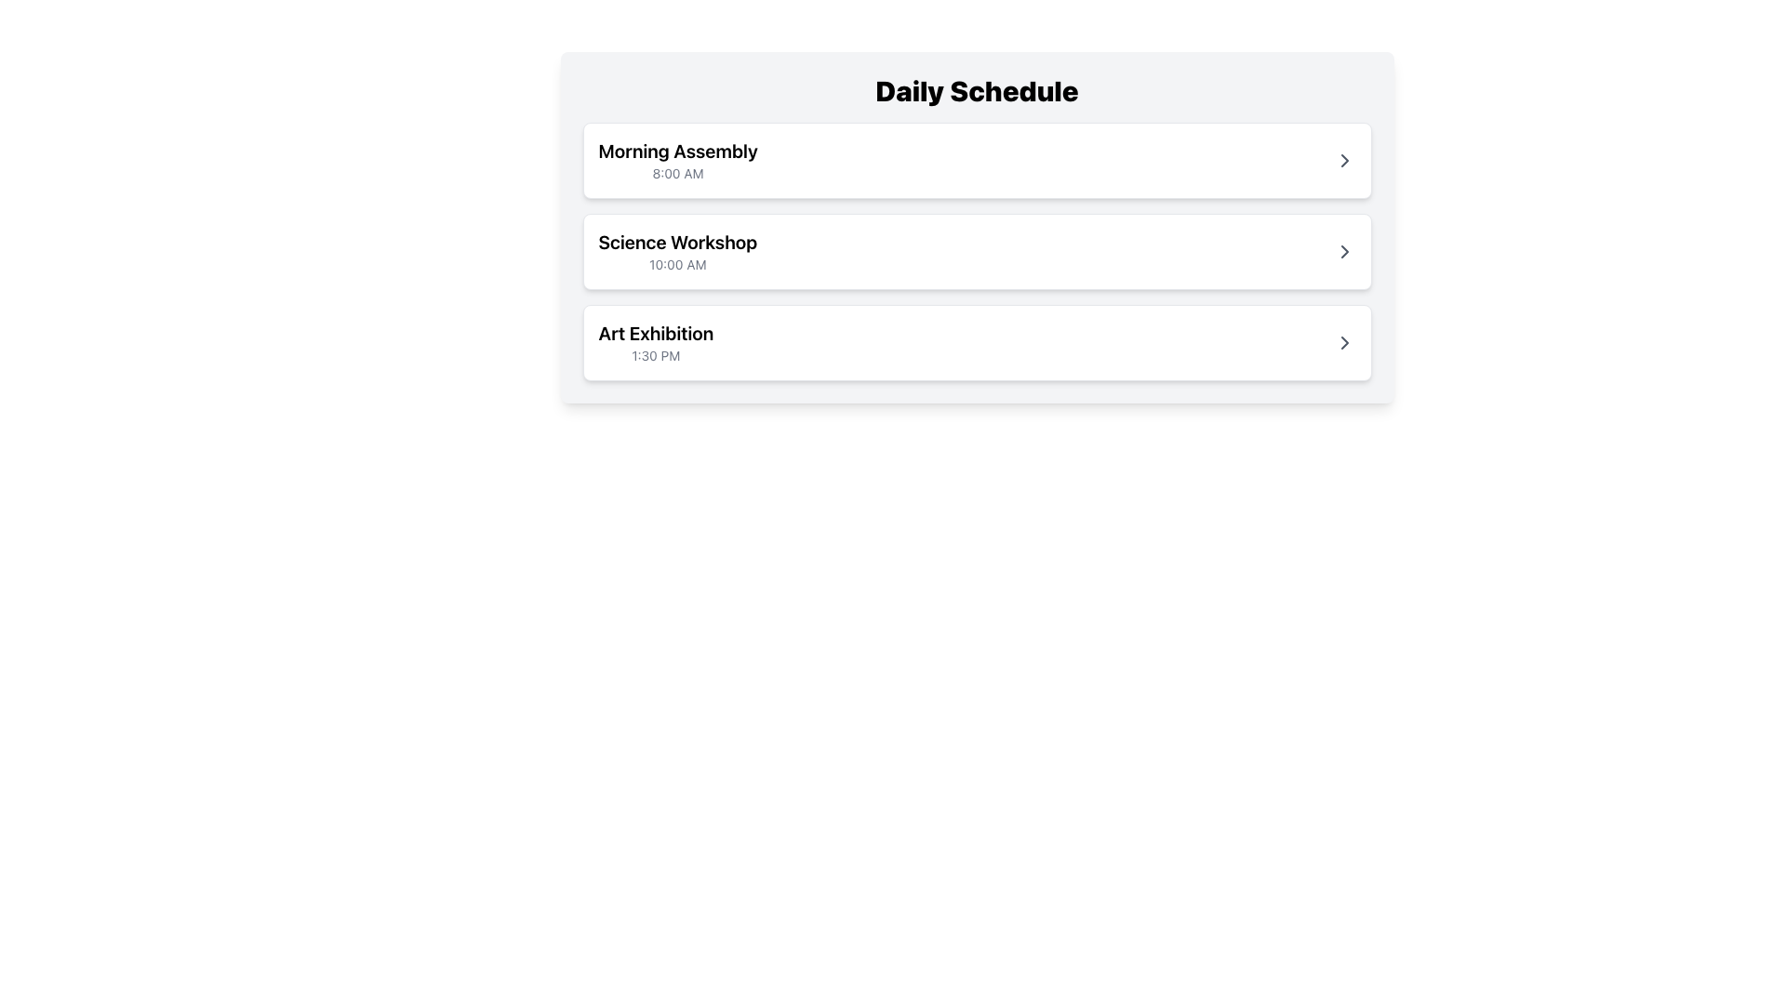 The image size is (1786, 1004). I want to click on the scheduled event list item labeled 'Science Workshop' at 10:00 AM, which is located in the middle section of the 'Daily Schedule', so click(976, 251).